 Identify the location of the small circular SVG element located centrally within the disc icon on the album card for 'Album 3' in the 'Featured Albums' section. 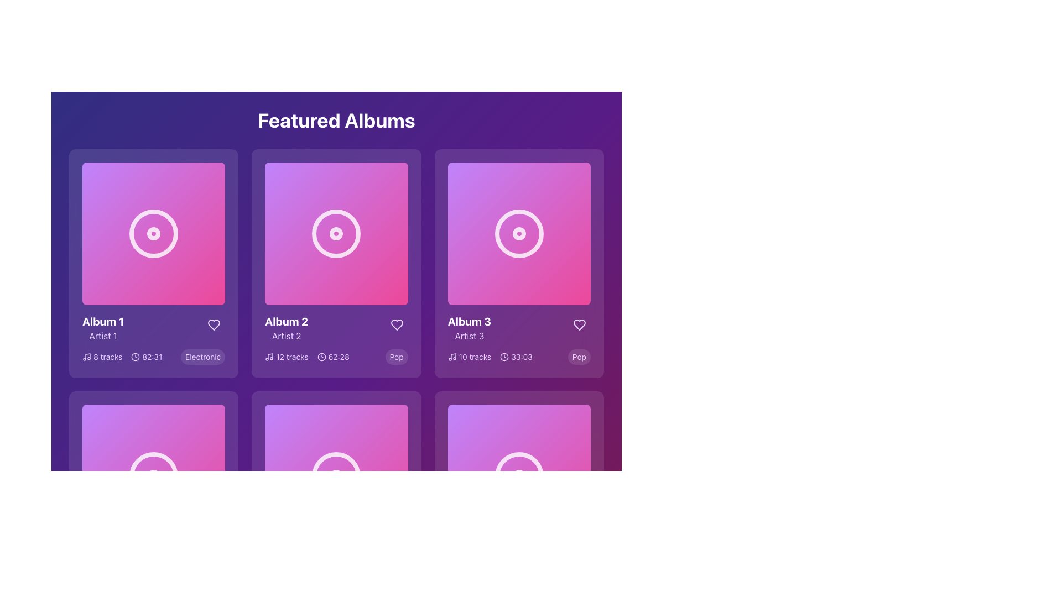
(518, 233).